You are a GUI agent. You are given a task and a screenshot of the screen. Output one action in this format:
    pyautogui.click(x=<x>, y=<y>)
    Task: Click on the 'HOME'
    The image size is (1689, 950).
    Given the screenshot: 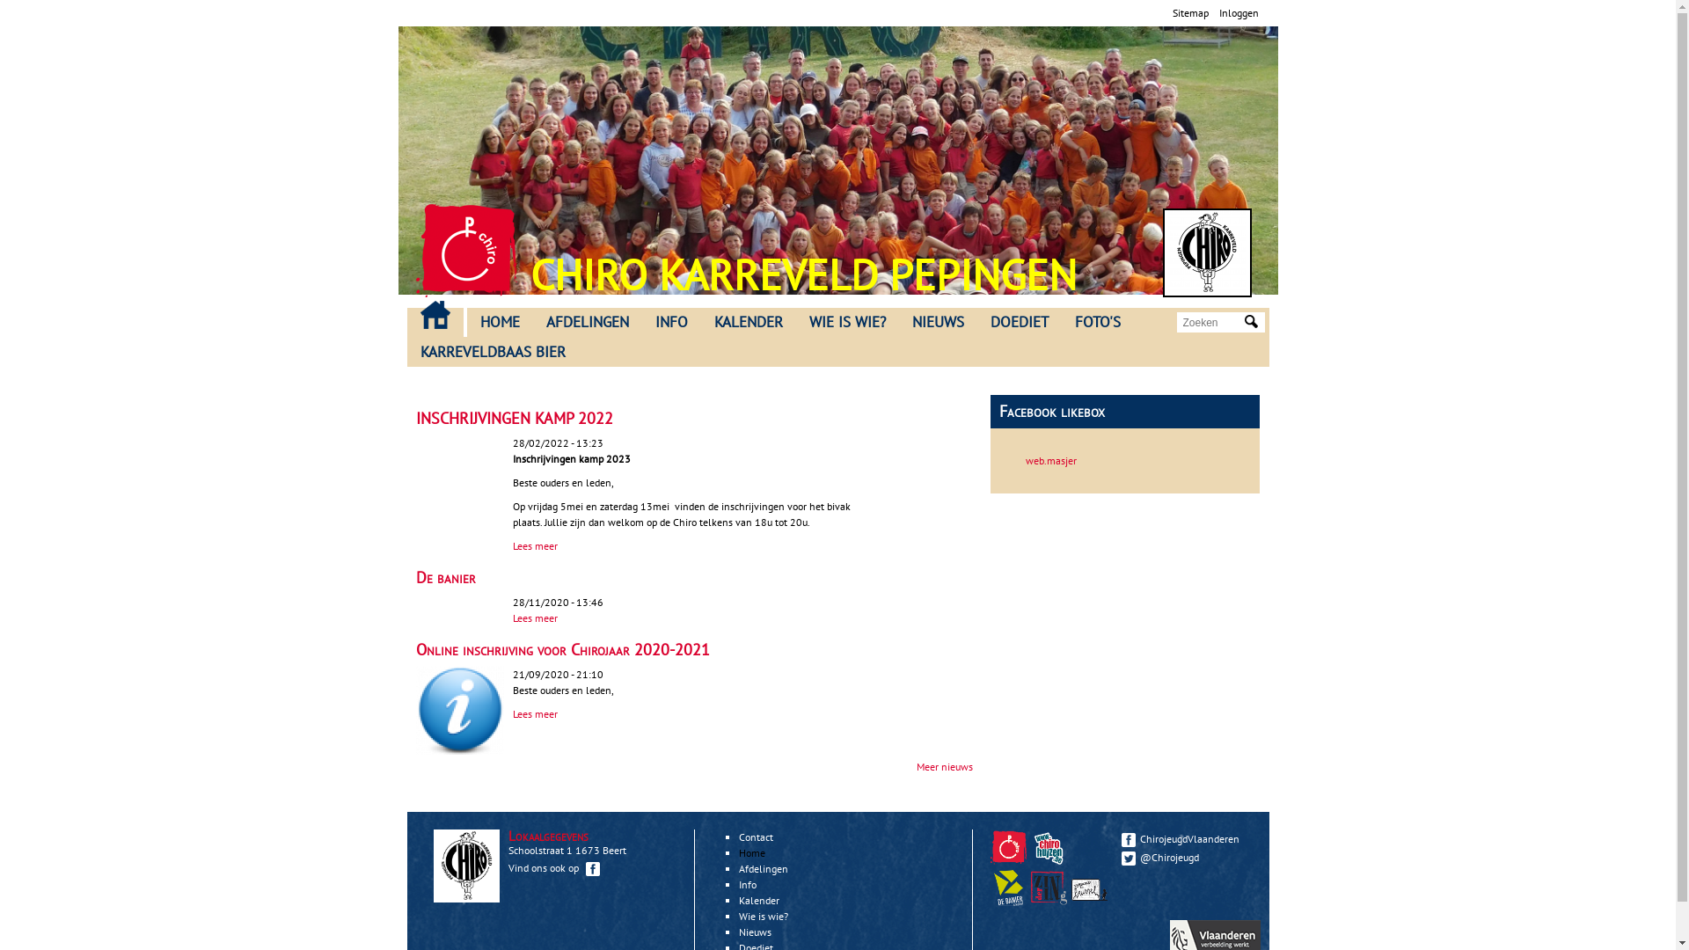 What is the action you would take?
    pyautogui.click(x=498, y=322)
    